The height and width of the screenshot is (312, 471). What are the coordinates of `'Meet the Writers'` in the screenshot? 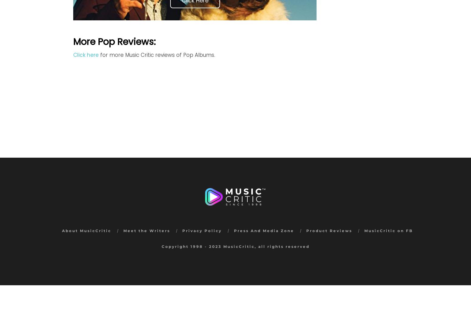 It's located at (146, 230).